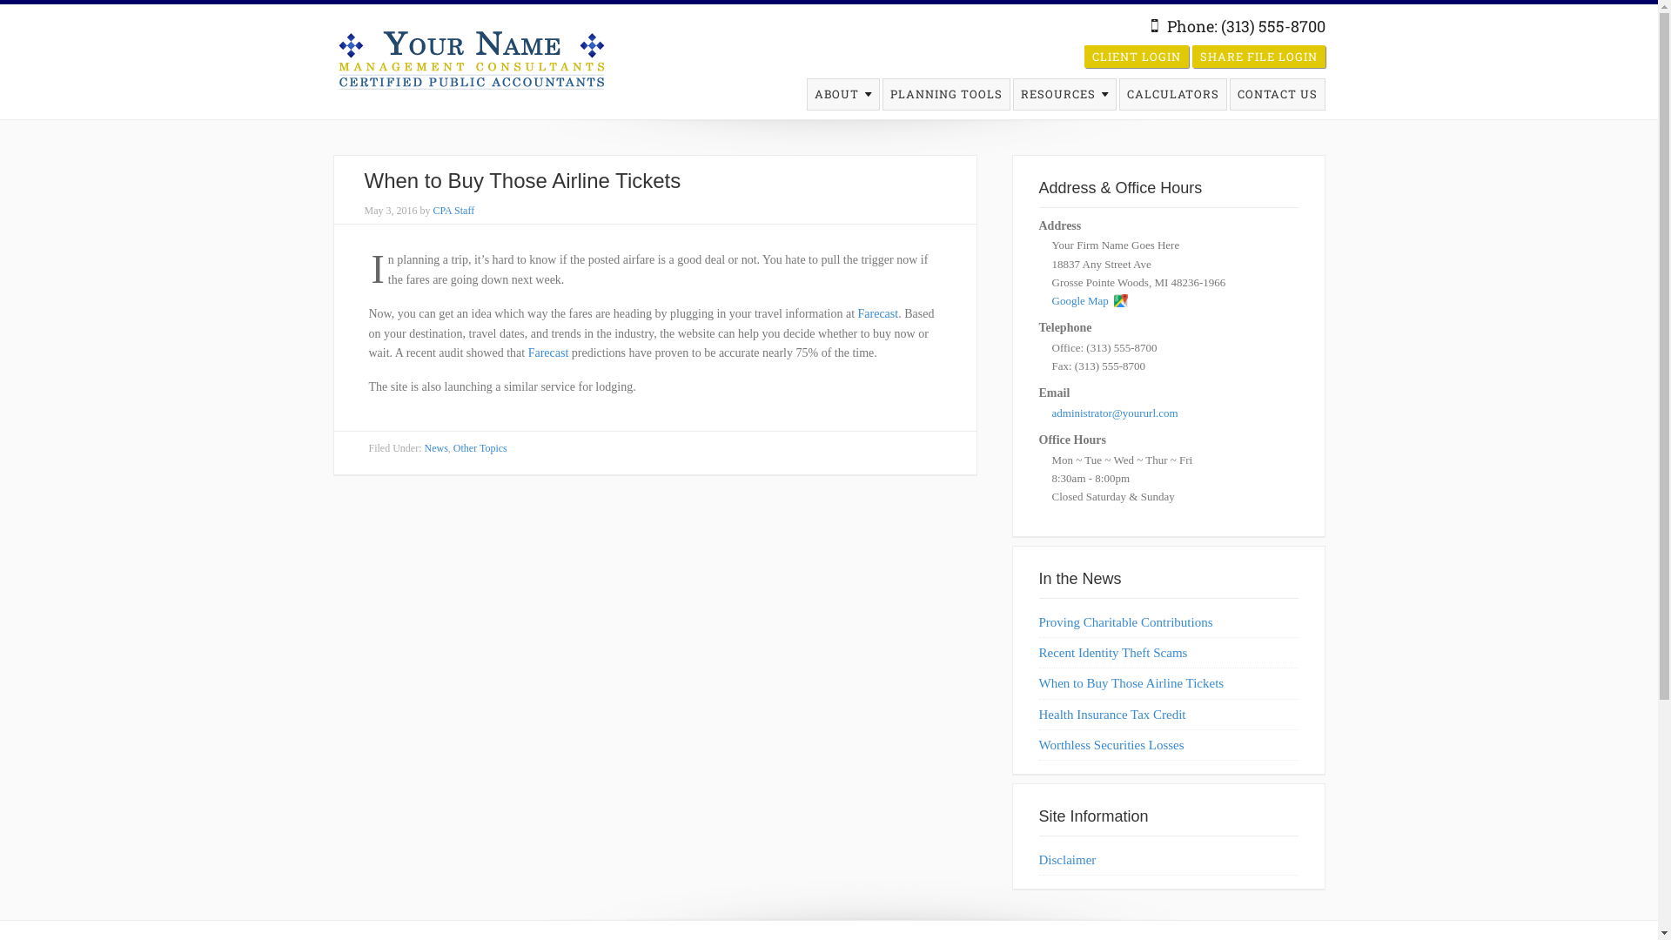  Describe the element at coordinates (1131, 682) in the screenshot. I see `'When to Buy Those Airline Tickets'` at that location.